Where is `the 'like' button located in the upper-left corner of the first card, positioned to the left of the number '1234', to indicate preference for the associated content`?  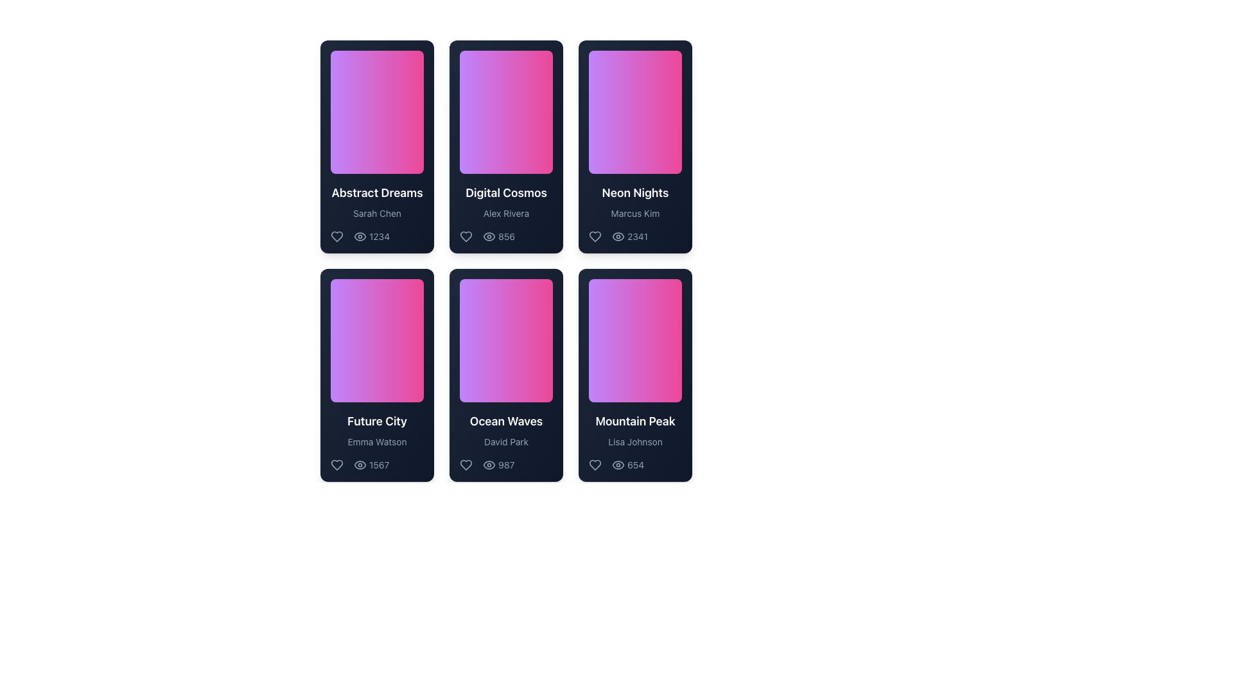
the 'like' button located in the upper-left corner of the first card, positioned to the left of the number '1234', to indicate preference for the associated content is located at coordinates (337, 237).